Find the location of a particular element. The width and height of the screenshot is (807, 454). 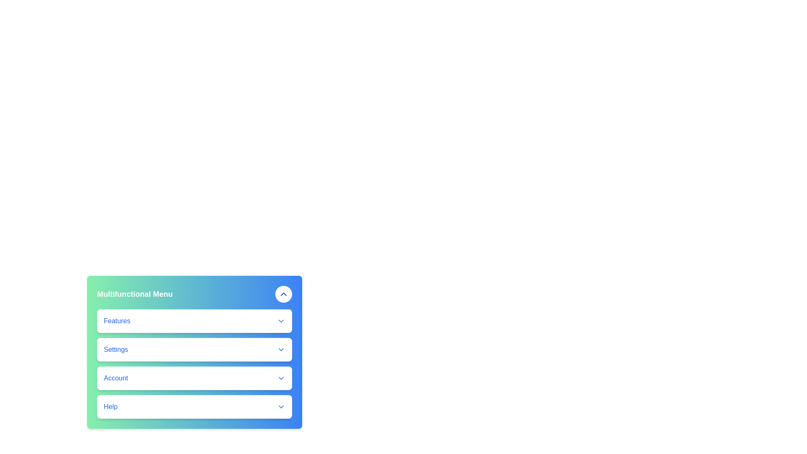

the 'Help' text label in blue font, located at the bottom of the menu list, directly under the 'Account' option is located at coordinates (110, 406).